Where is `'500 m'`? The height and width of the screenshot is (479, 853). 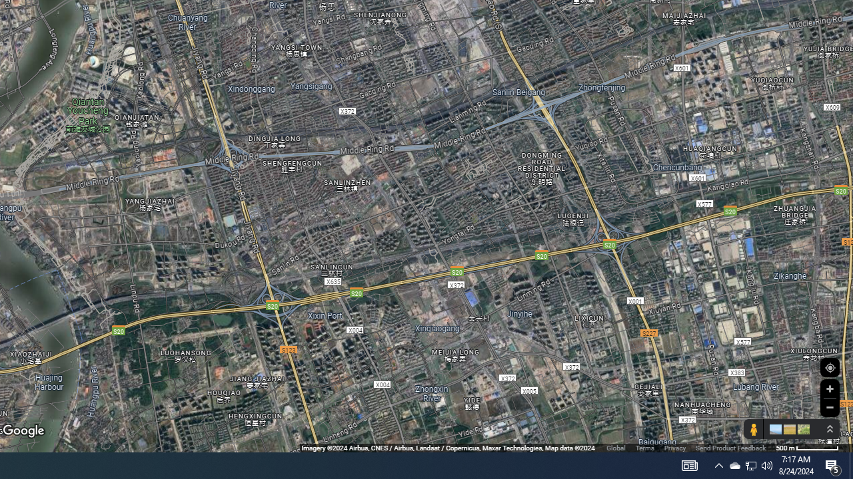
'500 m' is located at coordinates (806, 448).